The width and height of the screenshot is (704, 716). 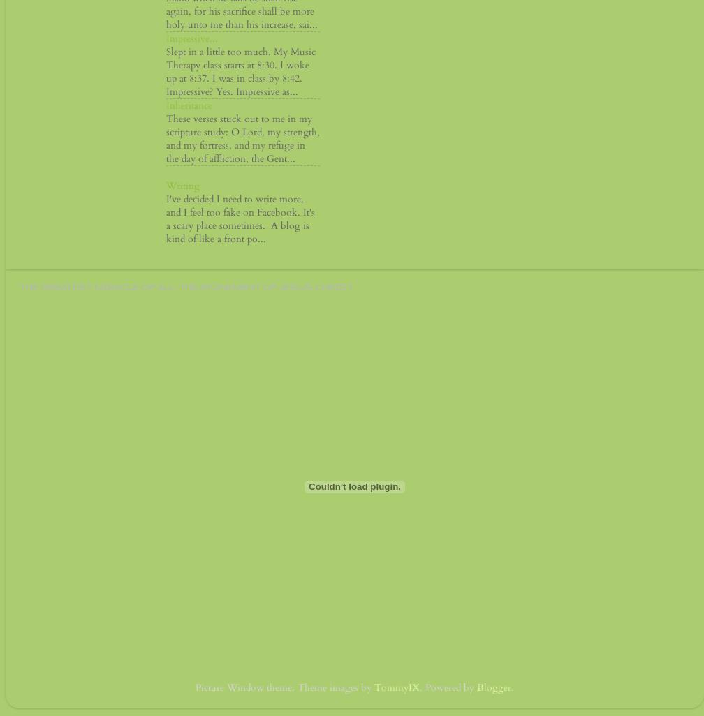 I want to click on 'Slept in a little too much. My Music Therapy class starts at 8:30. I woke up at 8:37. I was in class by 8:42. Impressive? Yes. Impressive as...', so click(x=241, y=72).